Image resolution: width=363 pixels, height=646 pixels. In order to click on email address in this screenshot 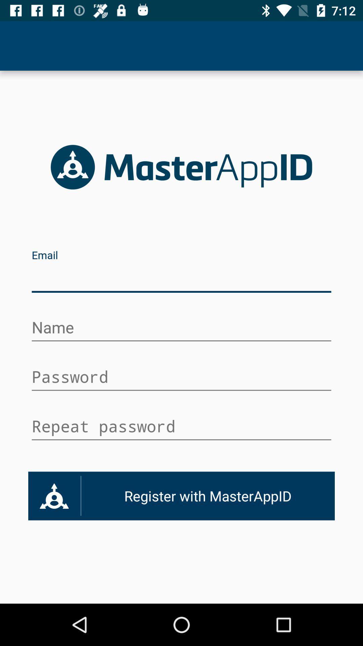, I will do `click(182, 279)`.